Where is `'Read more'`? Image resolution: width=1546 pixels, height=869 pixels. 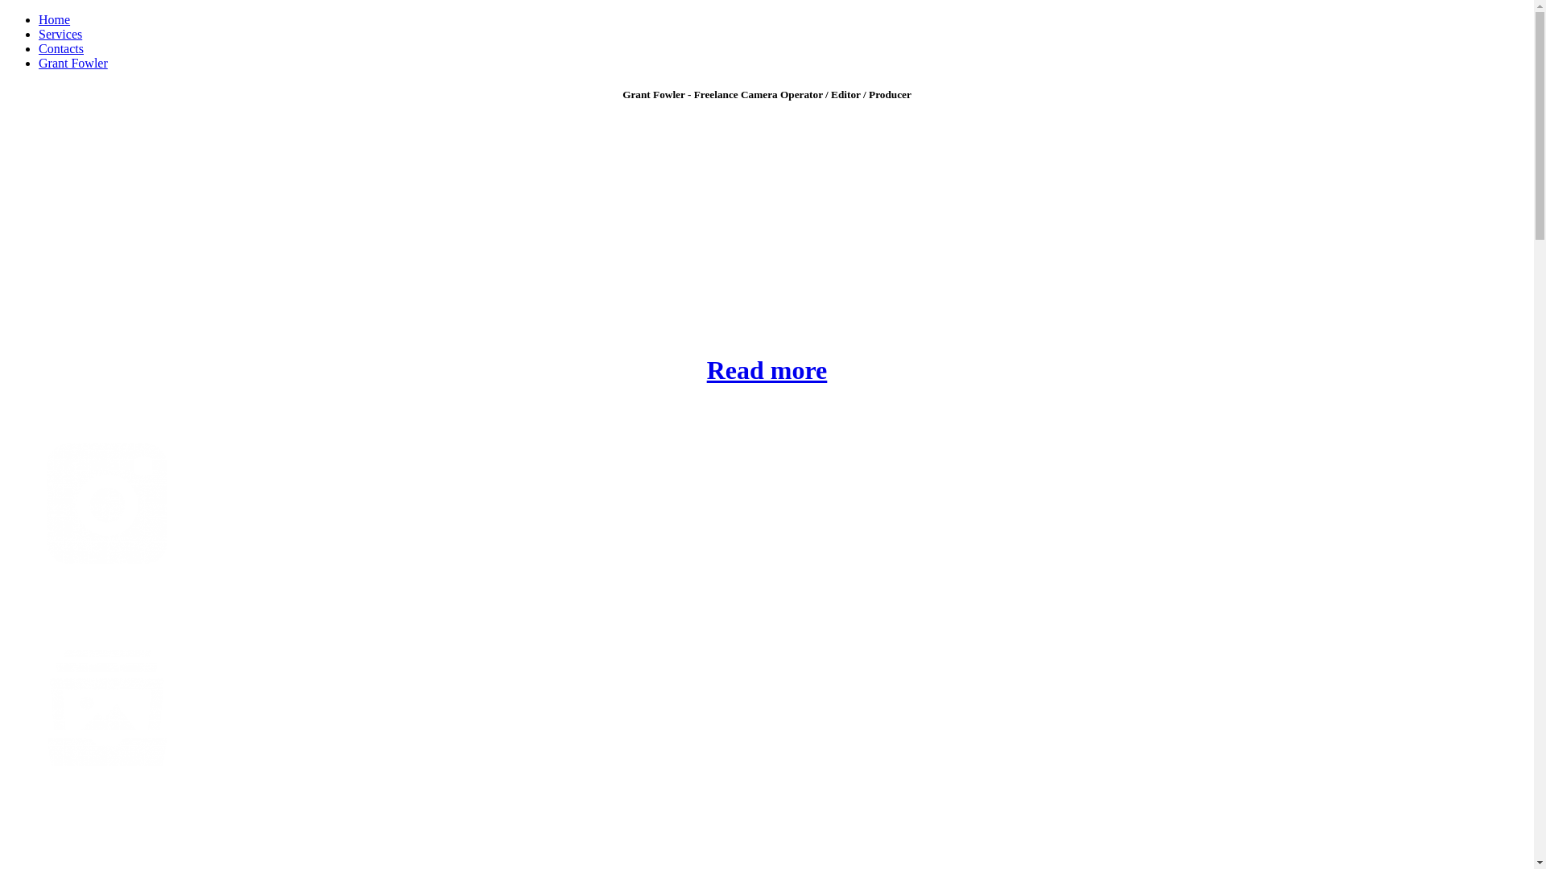
'Read more' is located at coordinates (767, 369).